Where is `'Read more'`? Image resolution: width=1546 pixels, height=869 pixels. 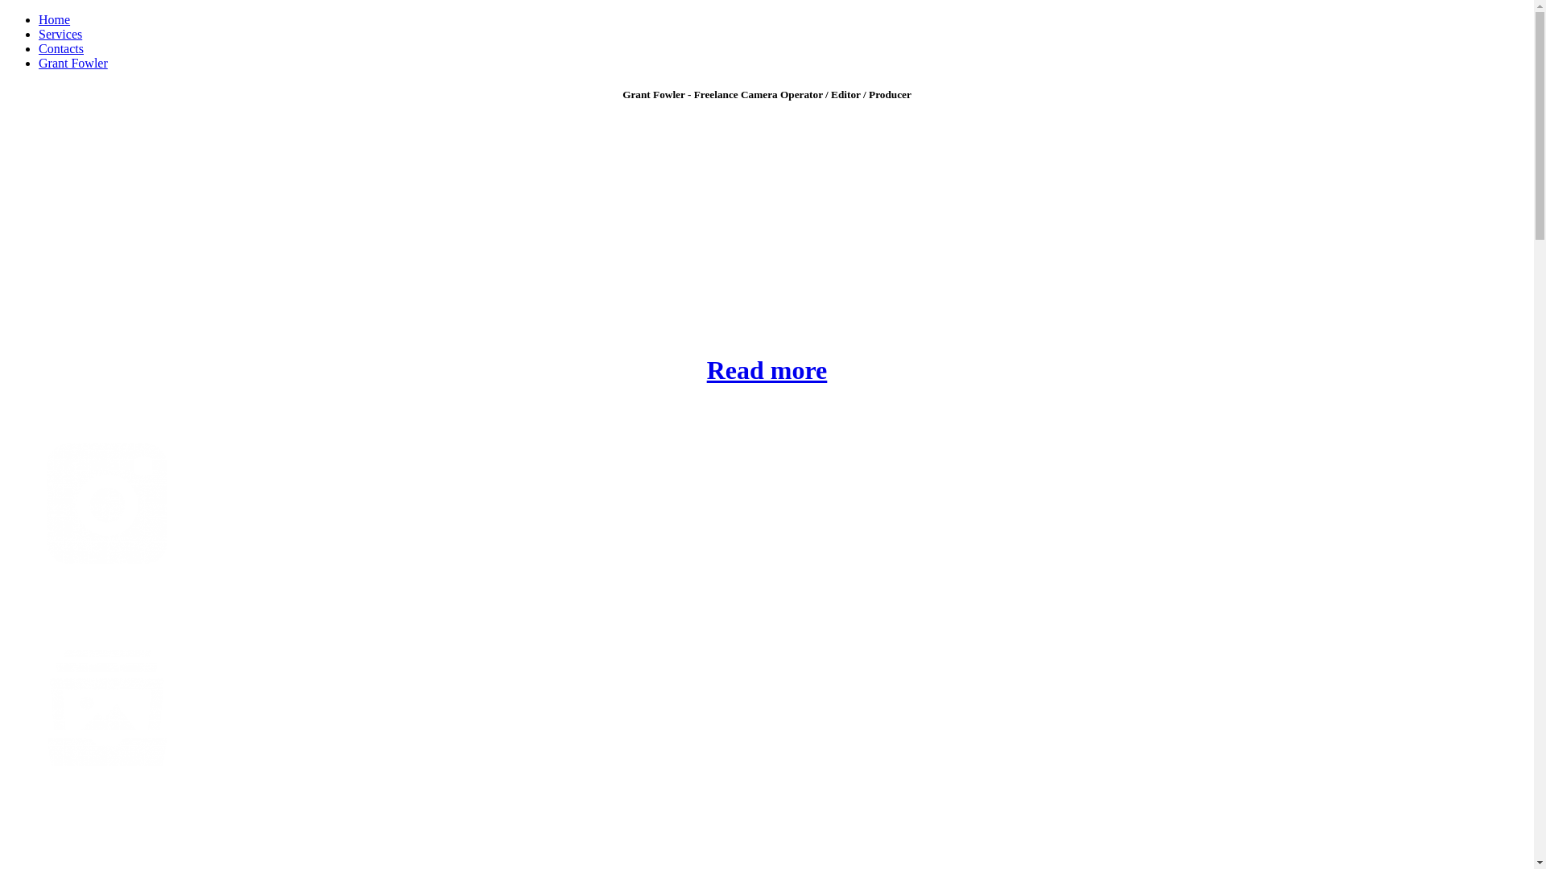
'Read more' is located at coordinates (767, 369).